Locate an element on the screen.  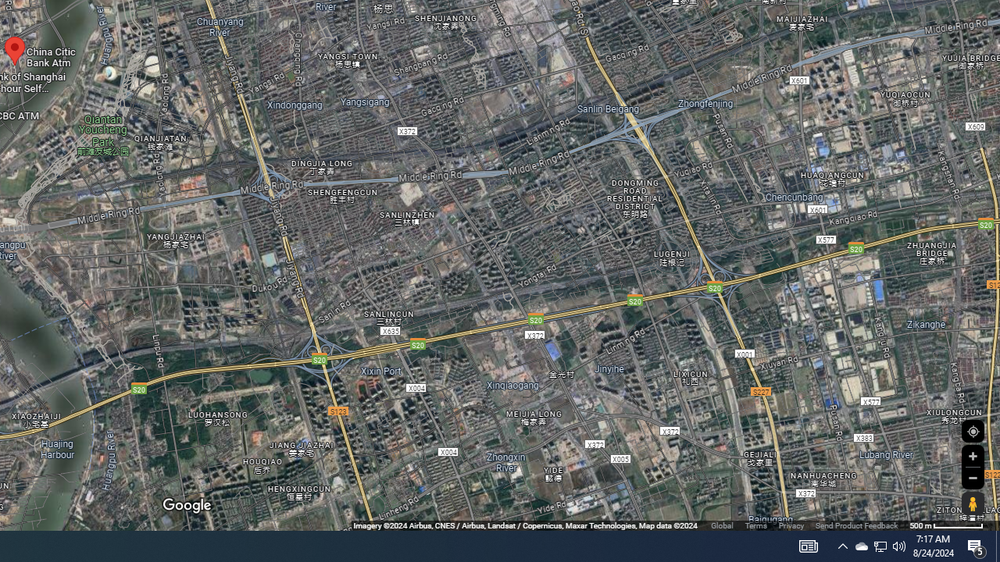
'Privacy' is located at coordinates (791, 525).